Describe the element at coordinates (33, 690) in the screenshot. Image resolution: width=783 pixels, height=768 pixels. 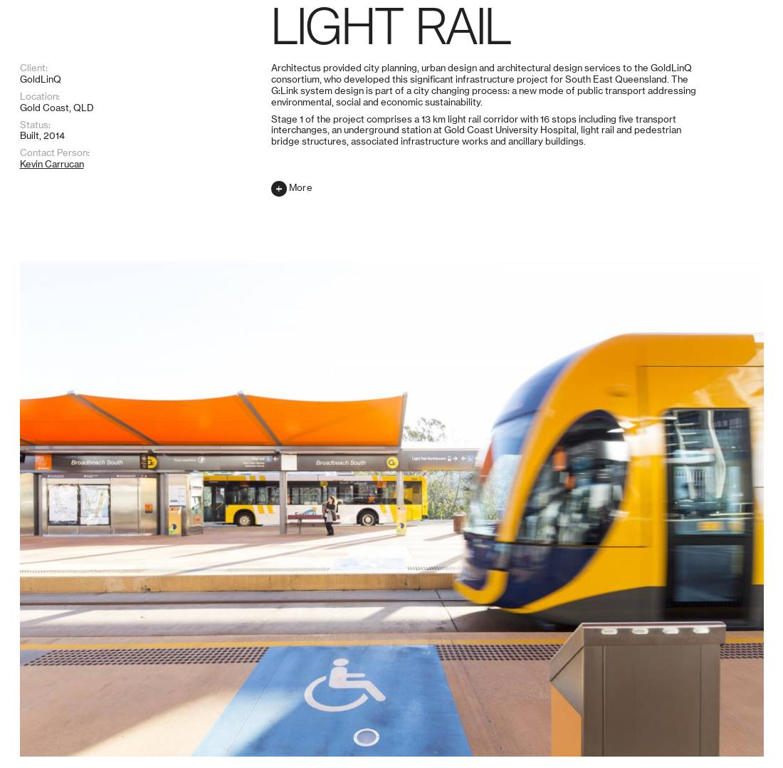
I see `'Status:'` at that location.